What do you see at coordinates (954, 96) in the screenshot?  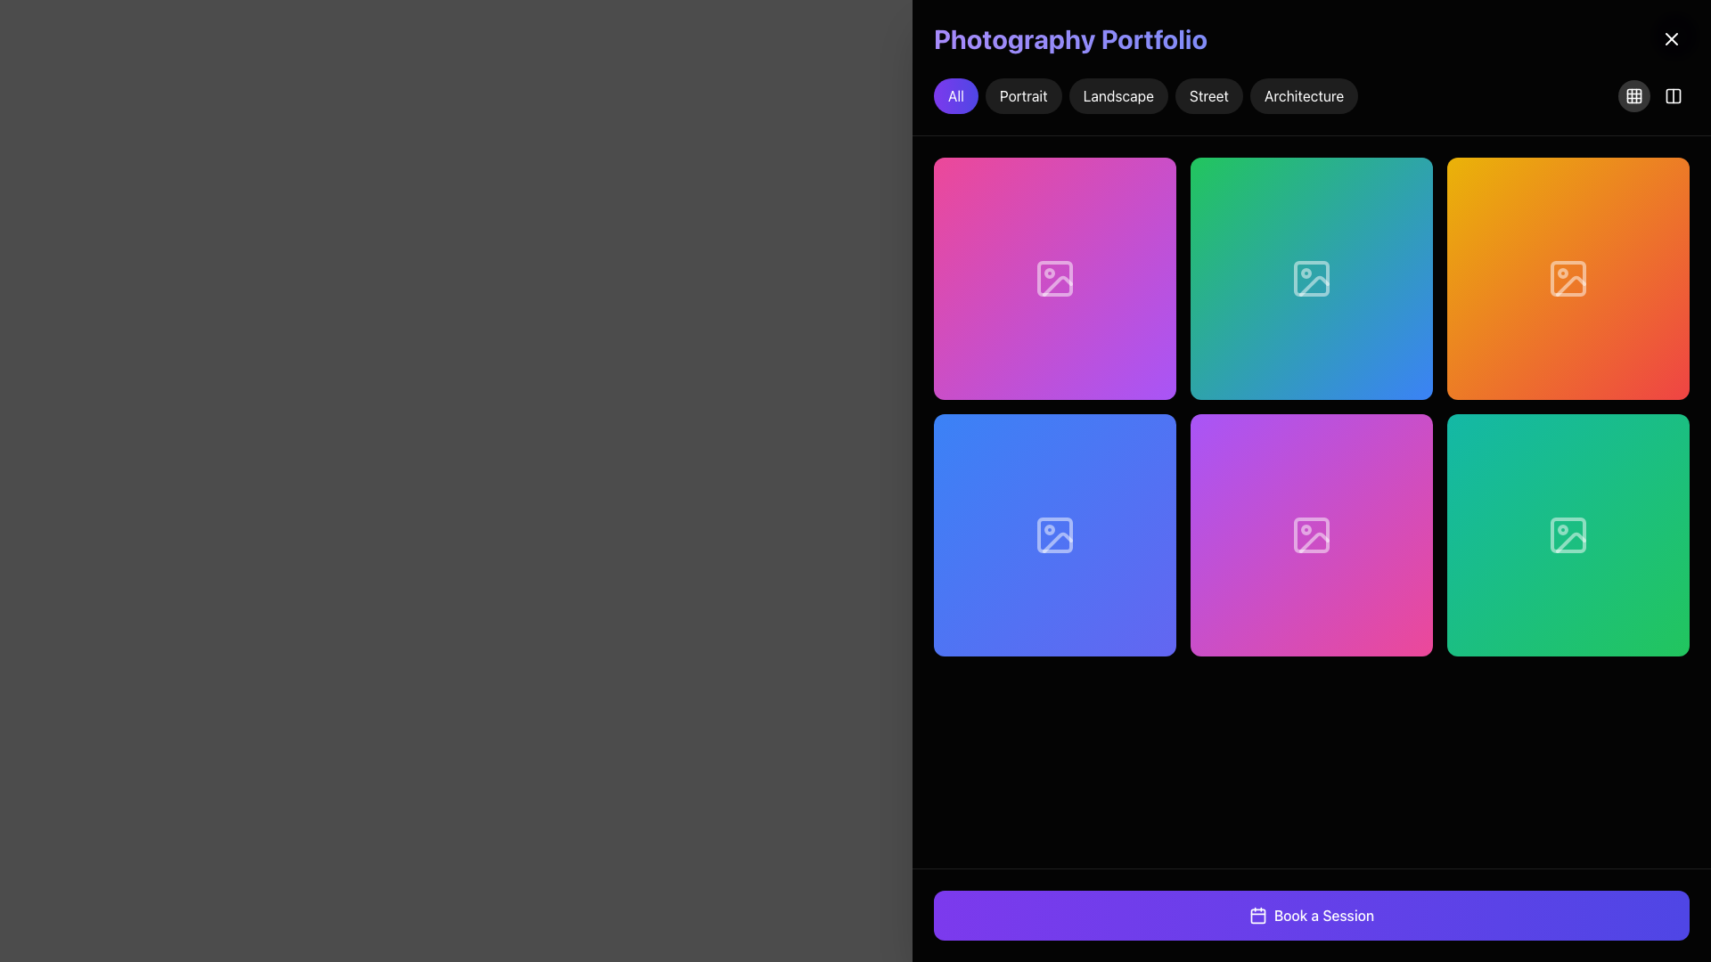 I see `the filter button located at the upper-left corner of the right section of the interface to apply the 'All' filter` at bounding box center [954, 96].